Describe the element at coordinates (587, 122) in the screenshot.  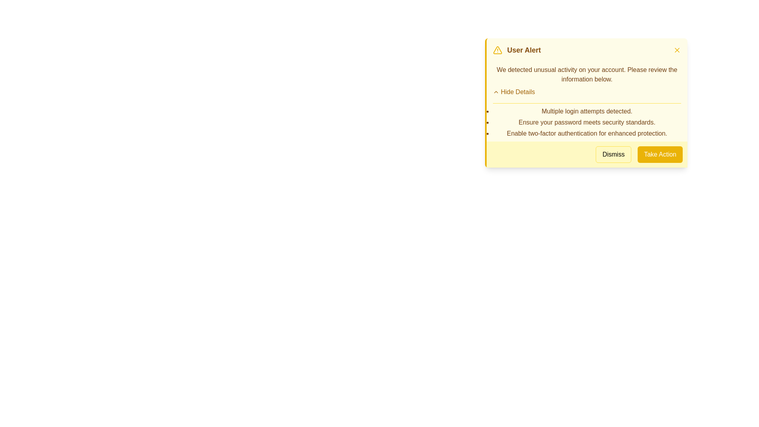
I see `informative message about password security guidelines located in the second item of the bulleted list within the warning notification, positioned towards the center-left area of the popup` at that location.